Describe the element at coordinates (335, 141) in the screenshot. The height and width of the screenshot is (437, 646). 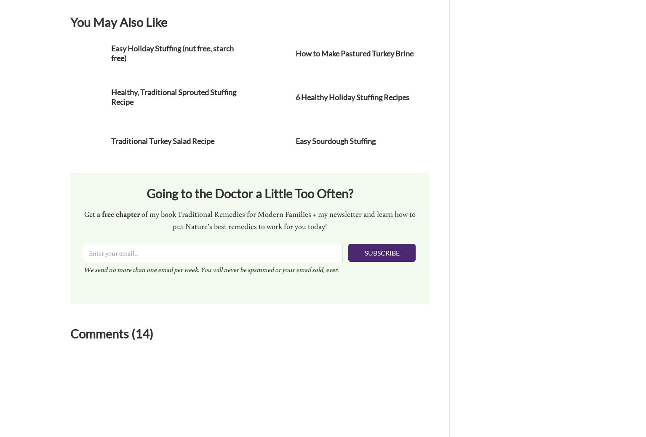
I see `'Easy Sourdough Stuffing'` at that location.